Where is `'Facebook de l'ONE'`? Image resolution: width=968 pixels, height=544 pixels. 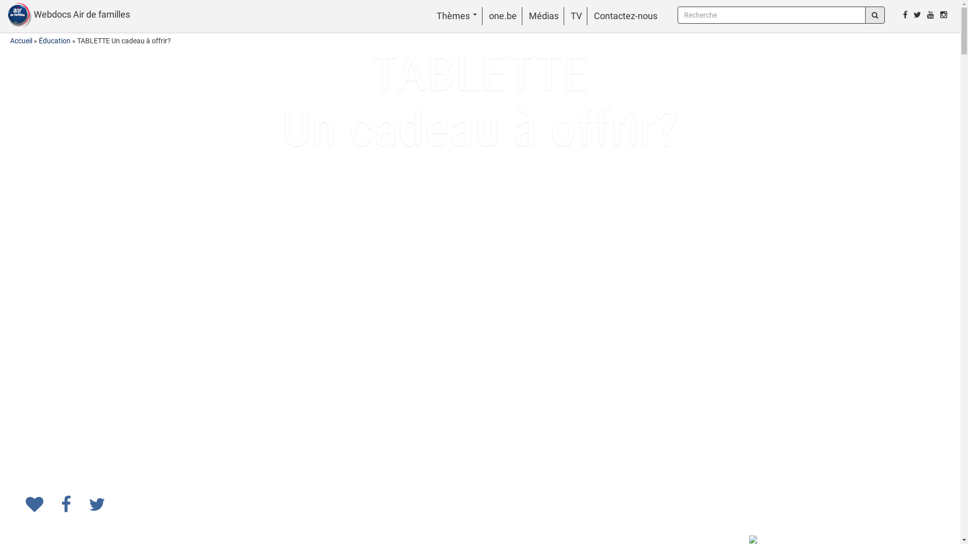
'Facebook de l'ONE' is located at coordinates (905, 15).